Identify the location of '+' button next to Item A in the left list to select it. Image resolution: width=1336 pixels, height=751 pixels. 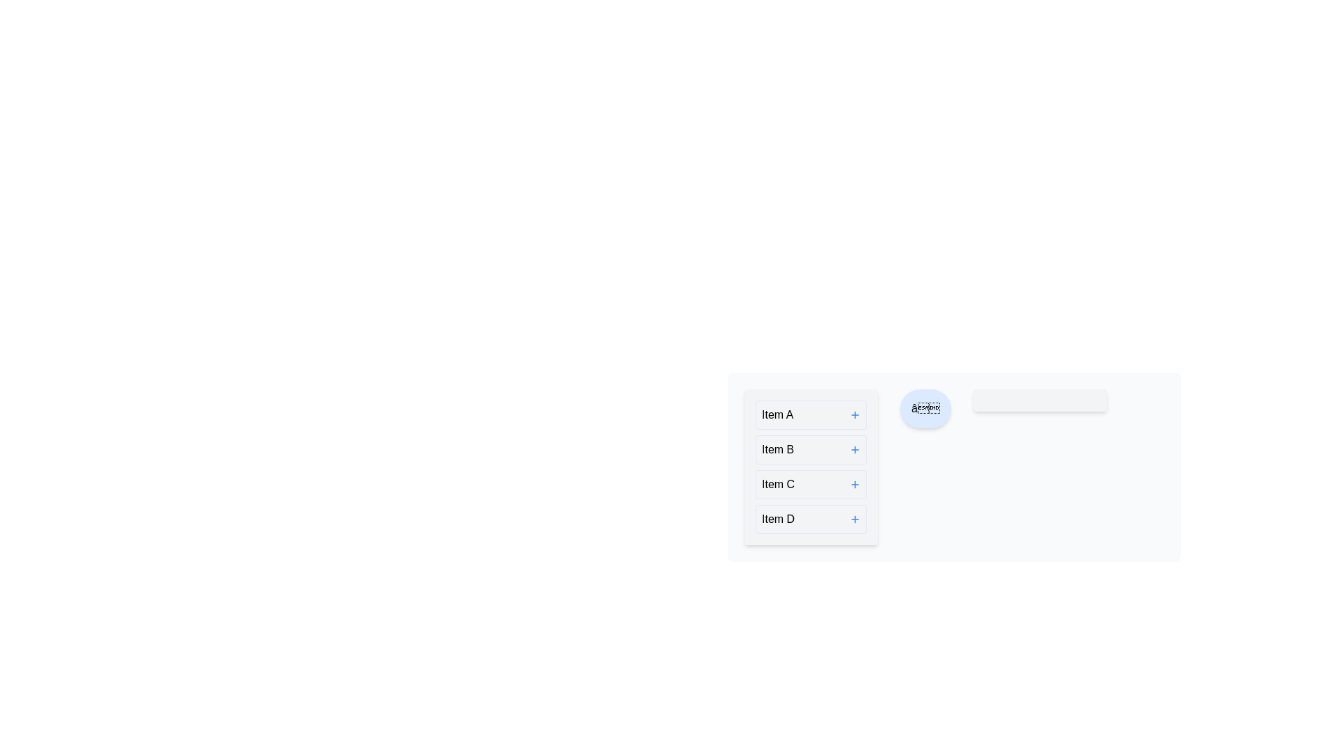
(854, 414).